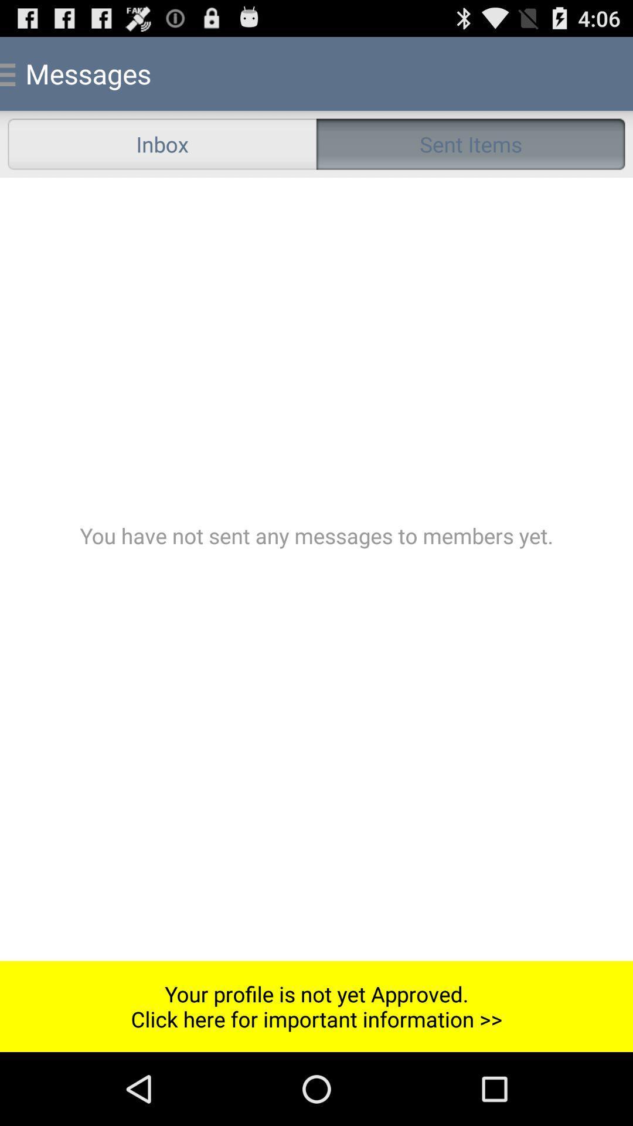 This screenshot has width=633, height=1126. What do you see at coordinates (470, 143) in the screenshot?
I see `the item to the right of inbox` at bounding box center [470, 143].